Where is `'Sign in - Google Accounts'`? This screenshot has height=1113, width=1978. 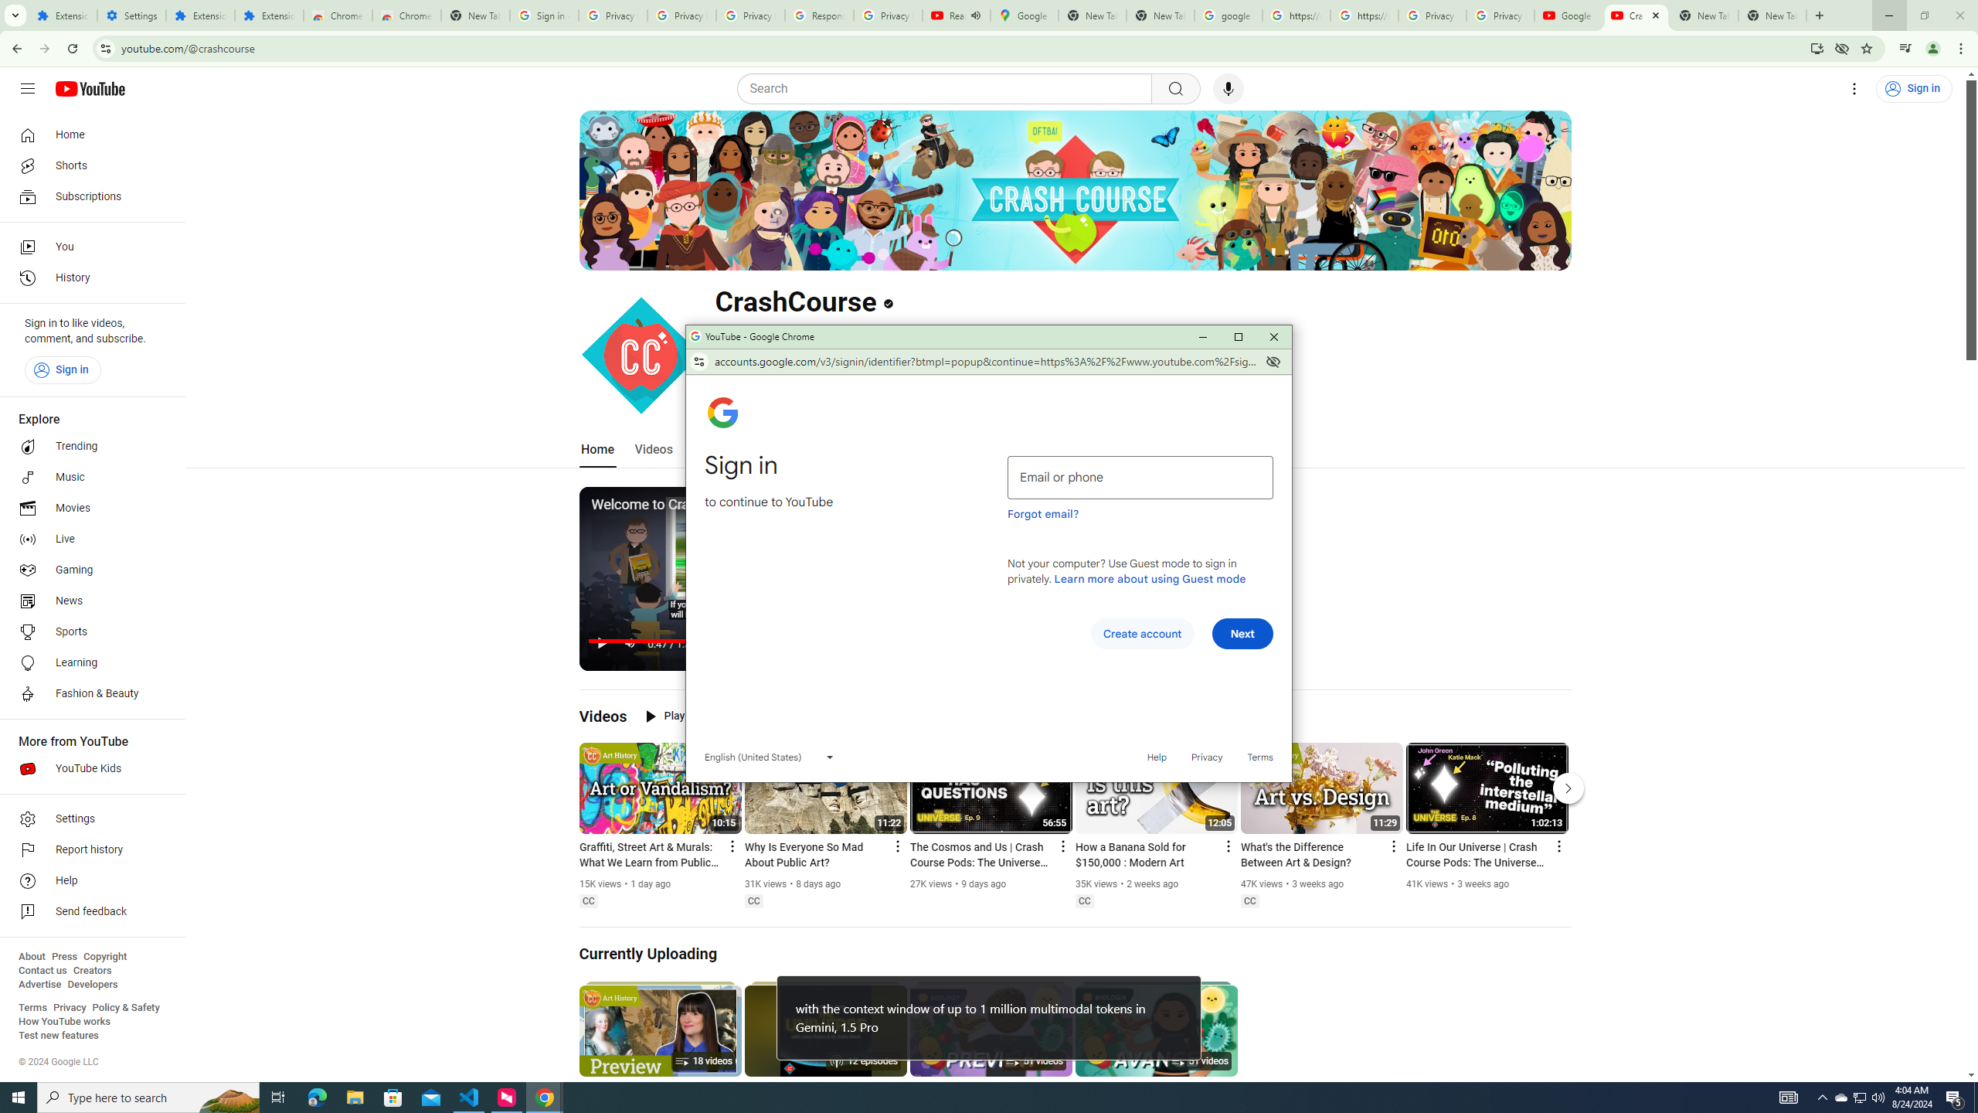
'Sign in - Google Accounts' is located at coordinates (544, 15).